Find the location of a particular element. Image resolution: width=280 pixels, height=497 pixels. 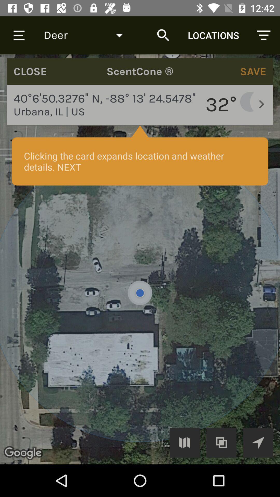

to track location/direction is located at coordinates (258, 442).